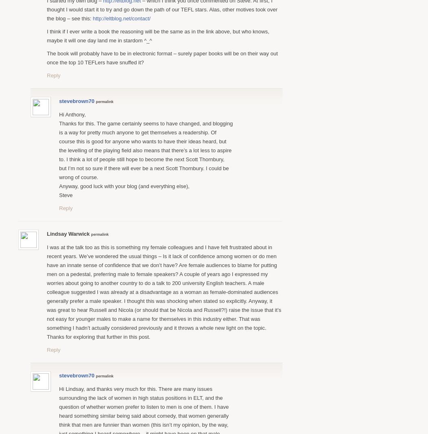 The width and height of the screenshot is (428, 434). What do you see at coordinates (66, 195) in the screenshot?
I see `'Steve'` at bounding box center [66, 195].